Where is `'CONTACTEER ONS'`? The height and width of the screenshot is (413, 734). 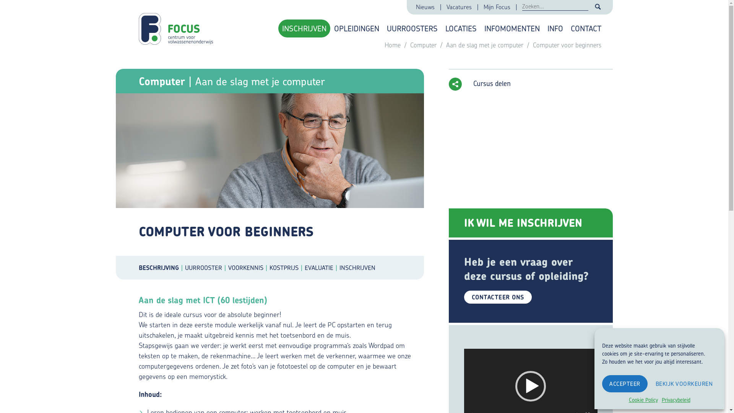 'CONTACTEER ONS' is located at coordinates (498, 296).